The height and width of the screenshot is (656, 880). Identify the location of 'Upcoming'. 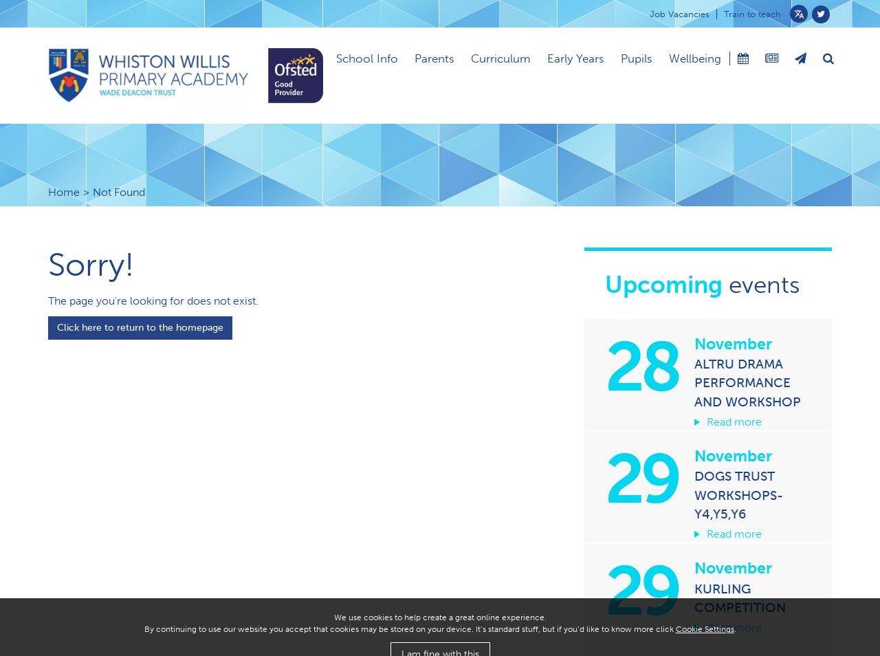
(663, 285).